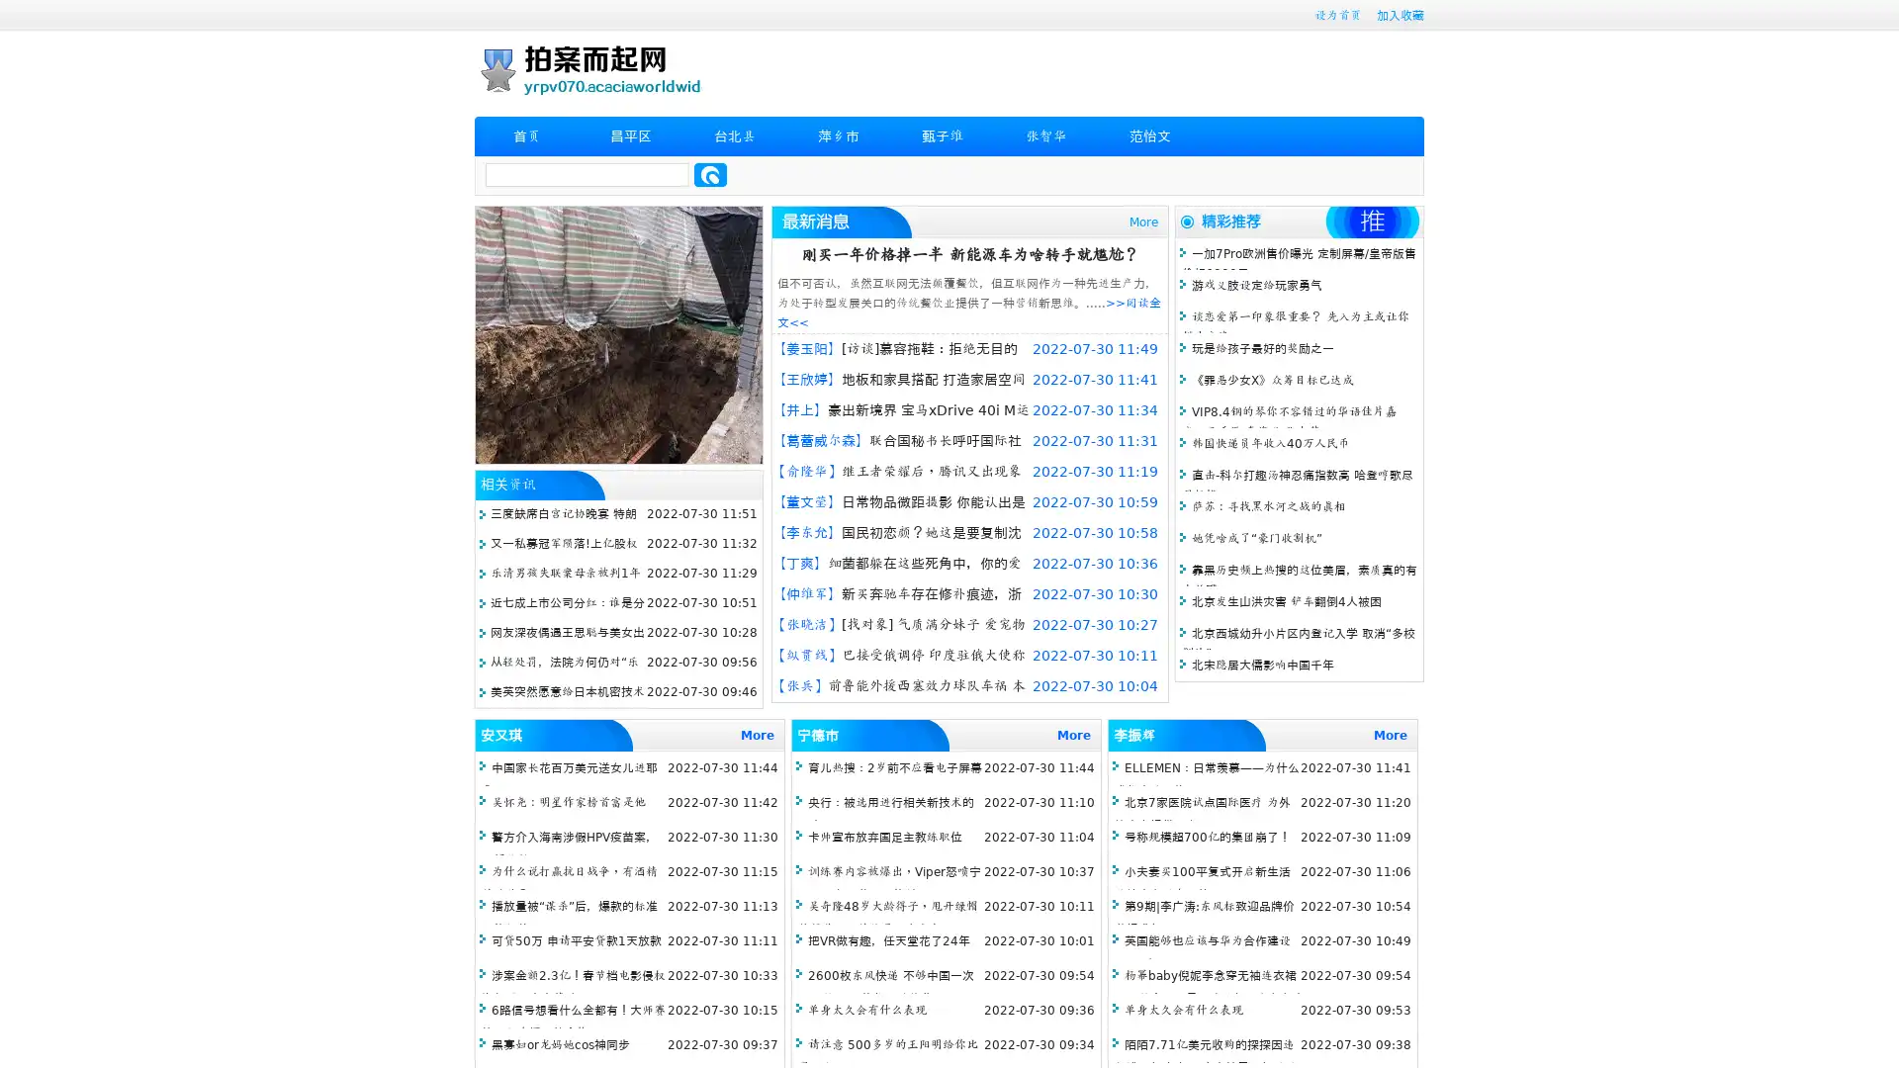 Image resolution: width=1899 pixels, height=1068 pixels. Describe the element at coordinates (710, 174) in the screenshot. I see `Search` at that location.